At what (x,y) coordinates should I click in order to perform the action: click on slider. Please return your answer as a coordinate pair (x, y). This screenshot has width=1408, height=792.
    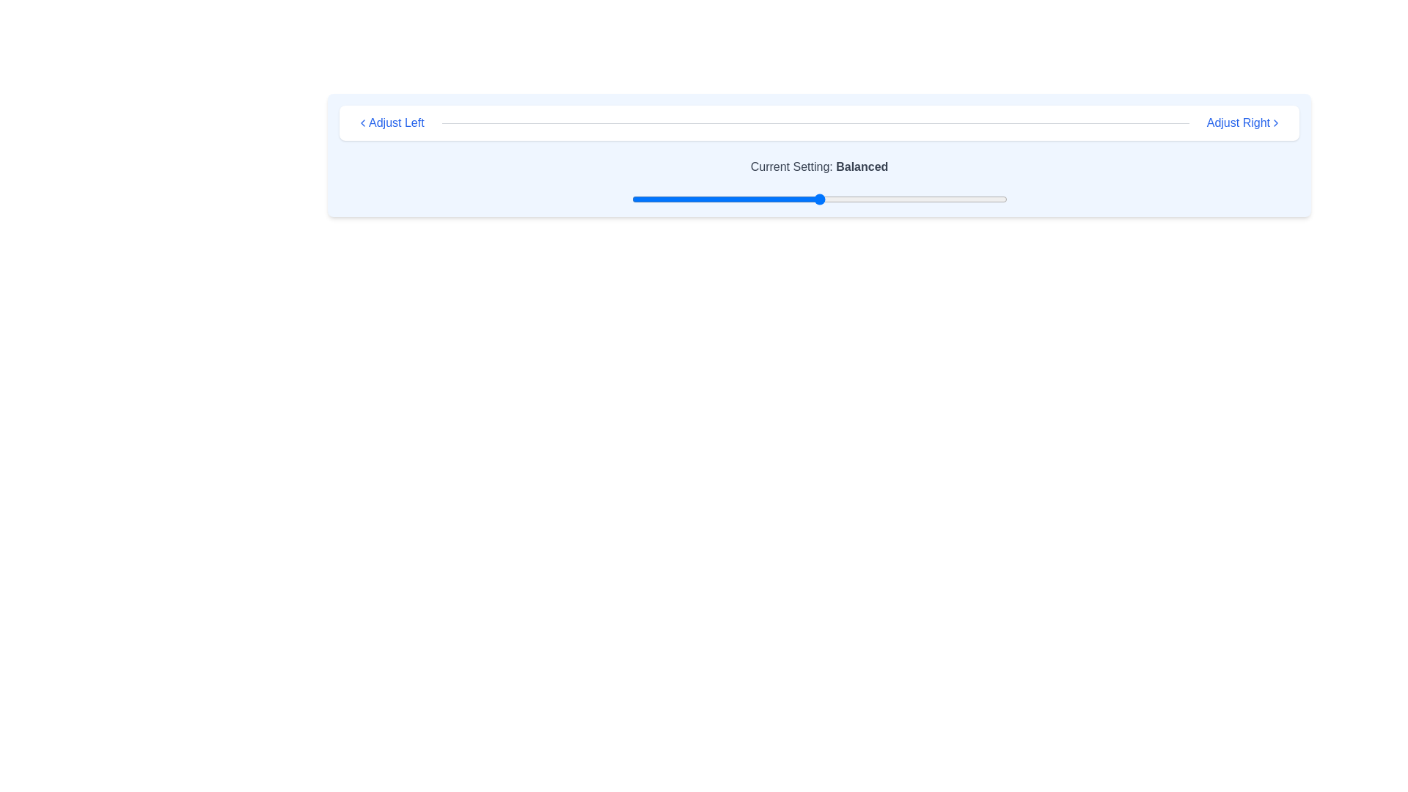
    Looking at the image, I should click on (740, 199).